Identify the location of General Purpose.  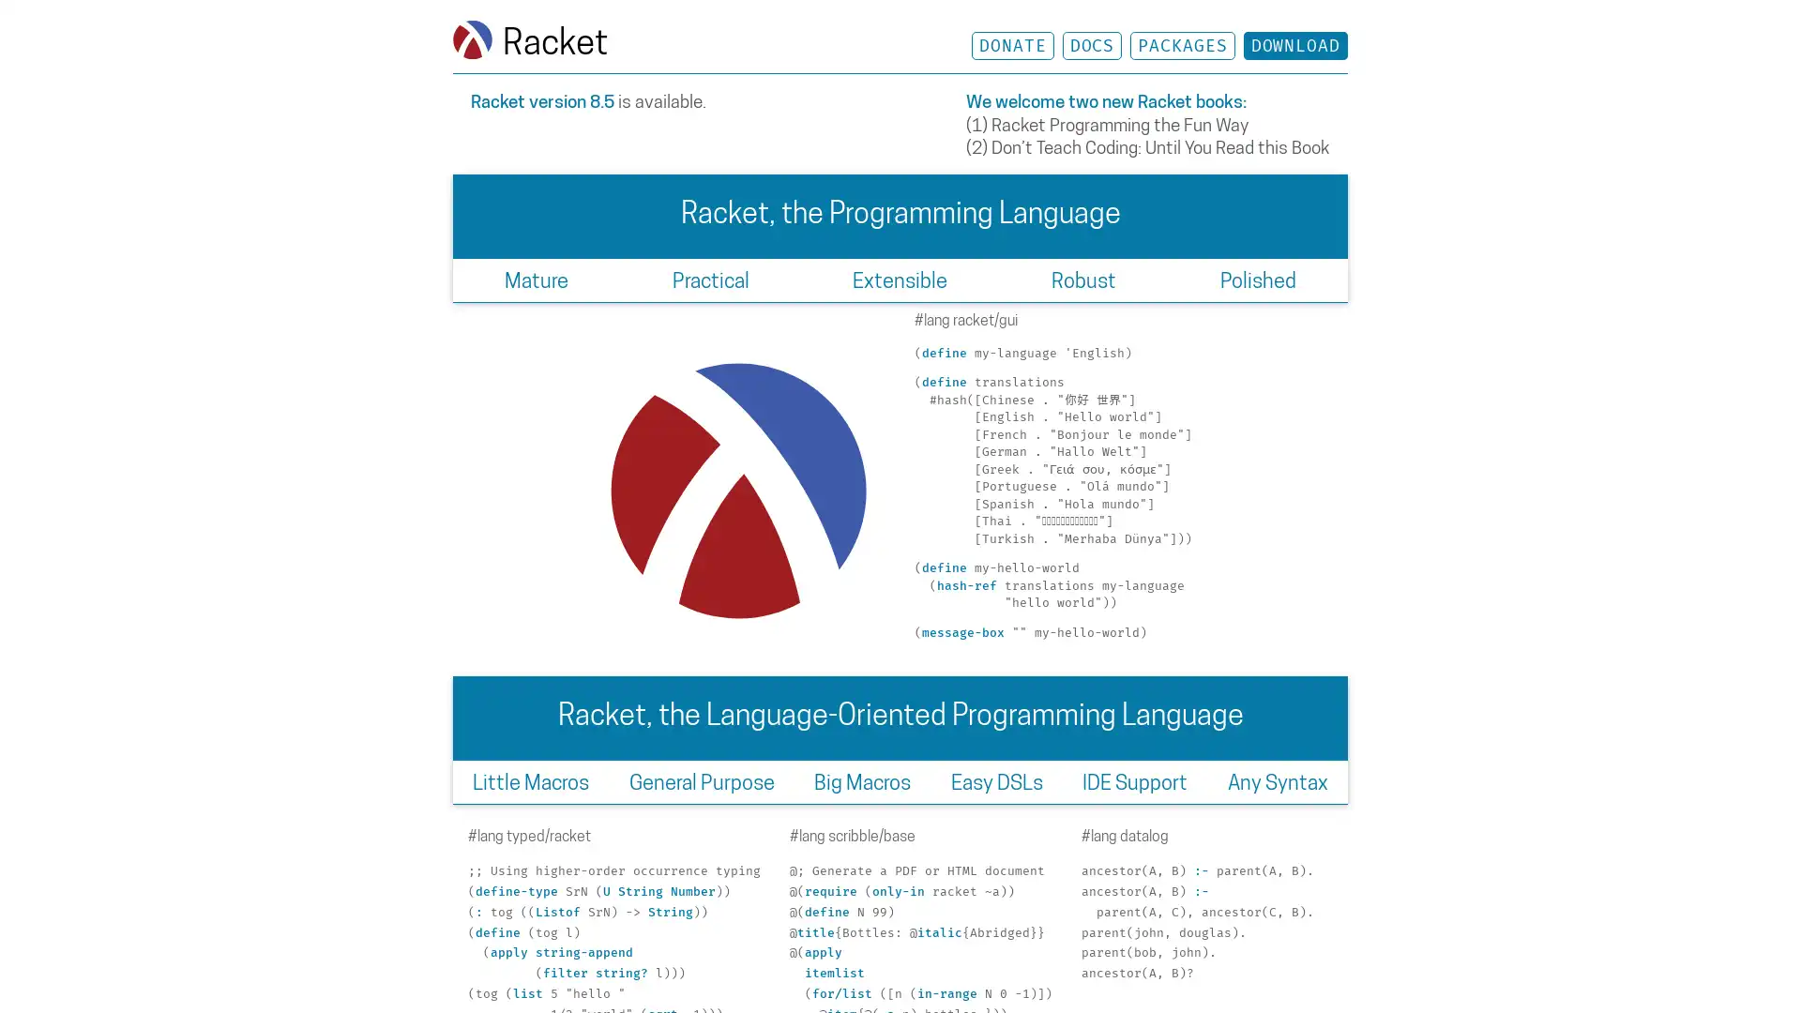
(701, 781).